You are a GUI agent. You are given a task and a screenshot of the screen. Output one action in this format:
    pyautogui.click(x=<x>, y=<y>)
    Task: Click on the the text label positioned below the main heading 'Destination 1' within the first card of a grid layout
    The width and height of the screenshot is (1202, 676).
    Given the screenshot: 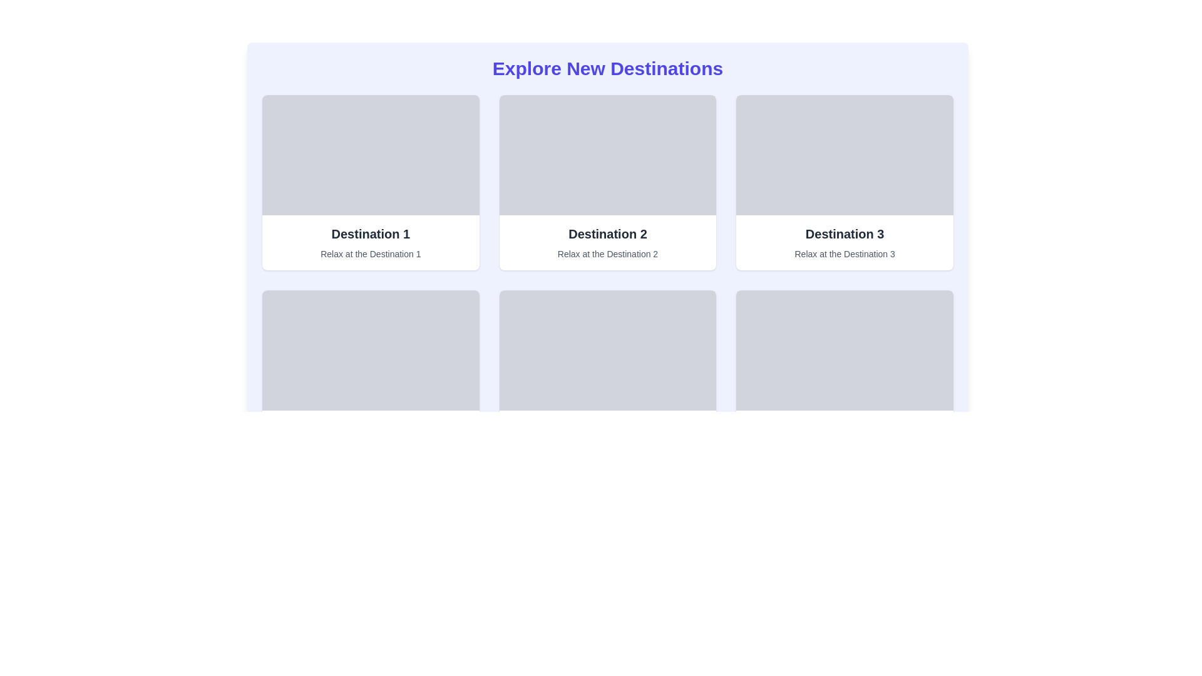 What is the action you would take?
    pyautogui.click(x=370, y=253)
    